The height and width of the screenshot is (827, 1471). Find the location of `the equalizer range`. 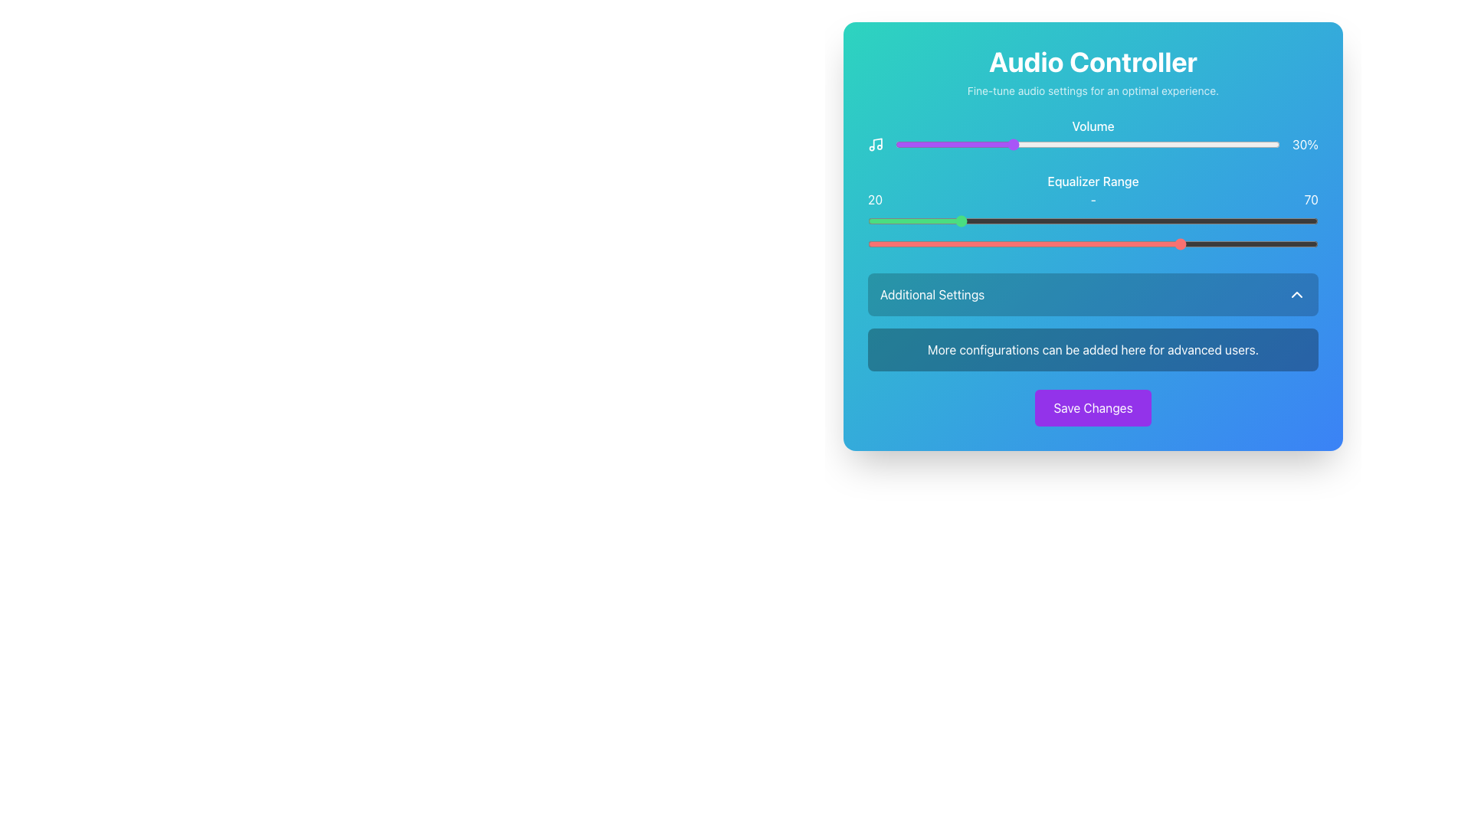

the equalizer range is located at coordinates (1142, 244).